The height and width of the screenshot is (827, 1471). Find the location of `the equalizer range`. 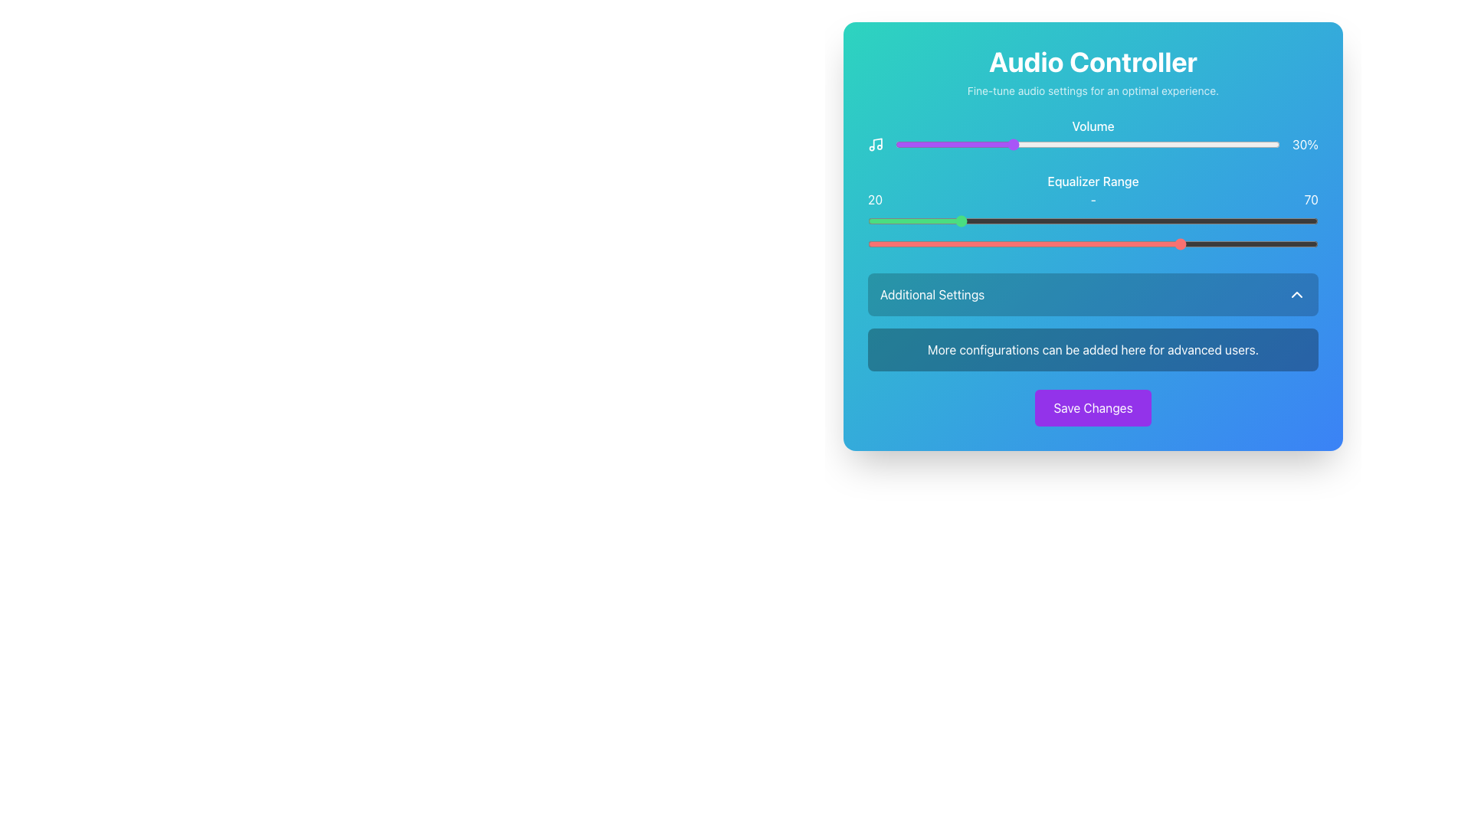

the equalizer range is located at coordinates (1142, 244).